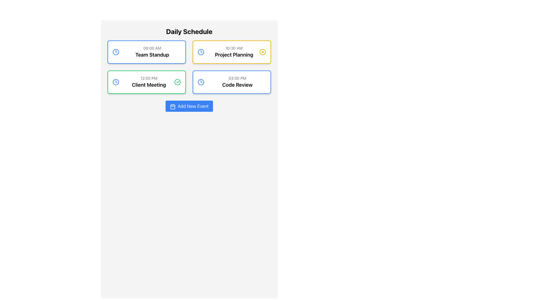 This screenshot has width=536, height=301. I want to click on the text-based informational content displaying '10:30 AM' and 'Project Planning', which is centered in the second card on the top row of the schedule grid, highlighted with a yellow border, so click(234, 52).